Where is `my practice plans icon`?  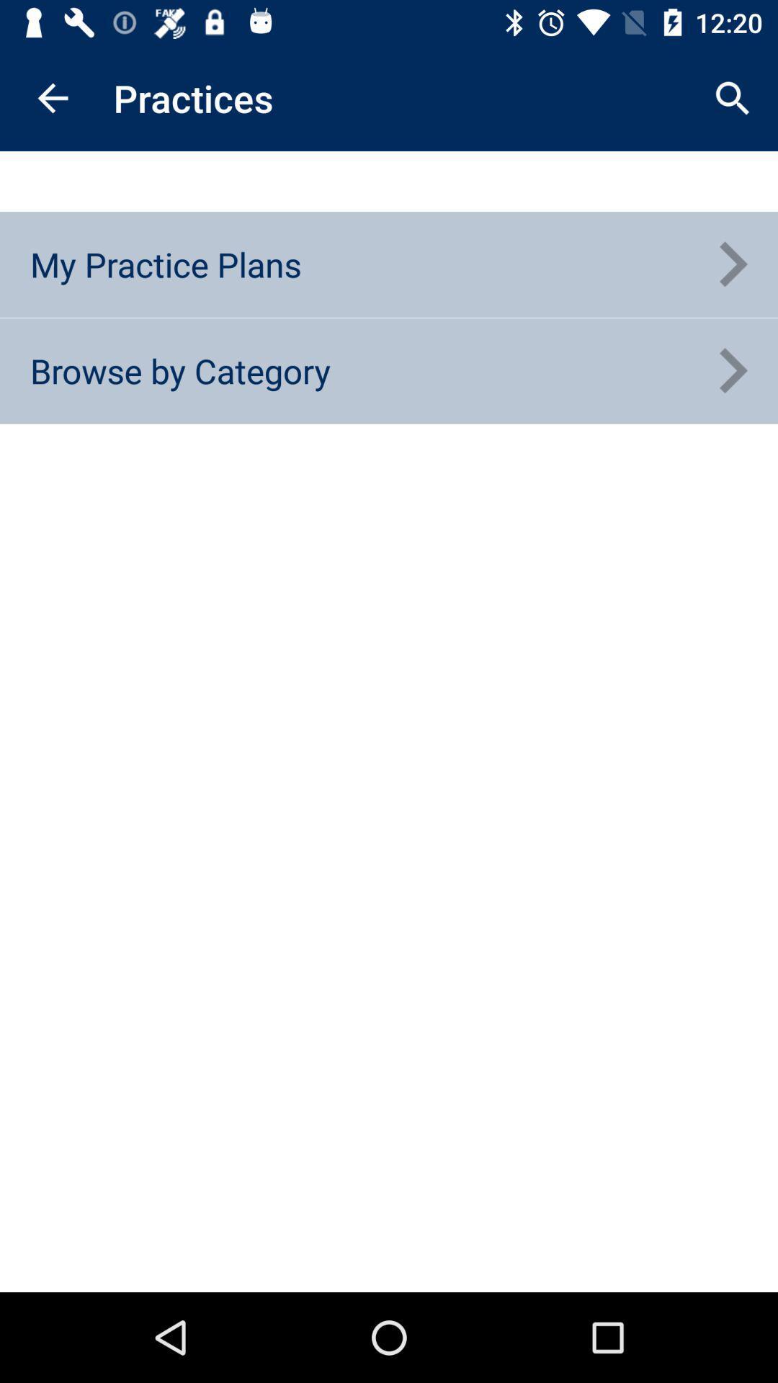
my practice plans icon is located at coordinates (165, 264).